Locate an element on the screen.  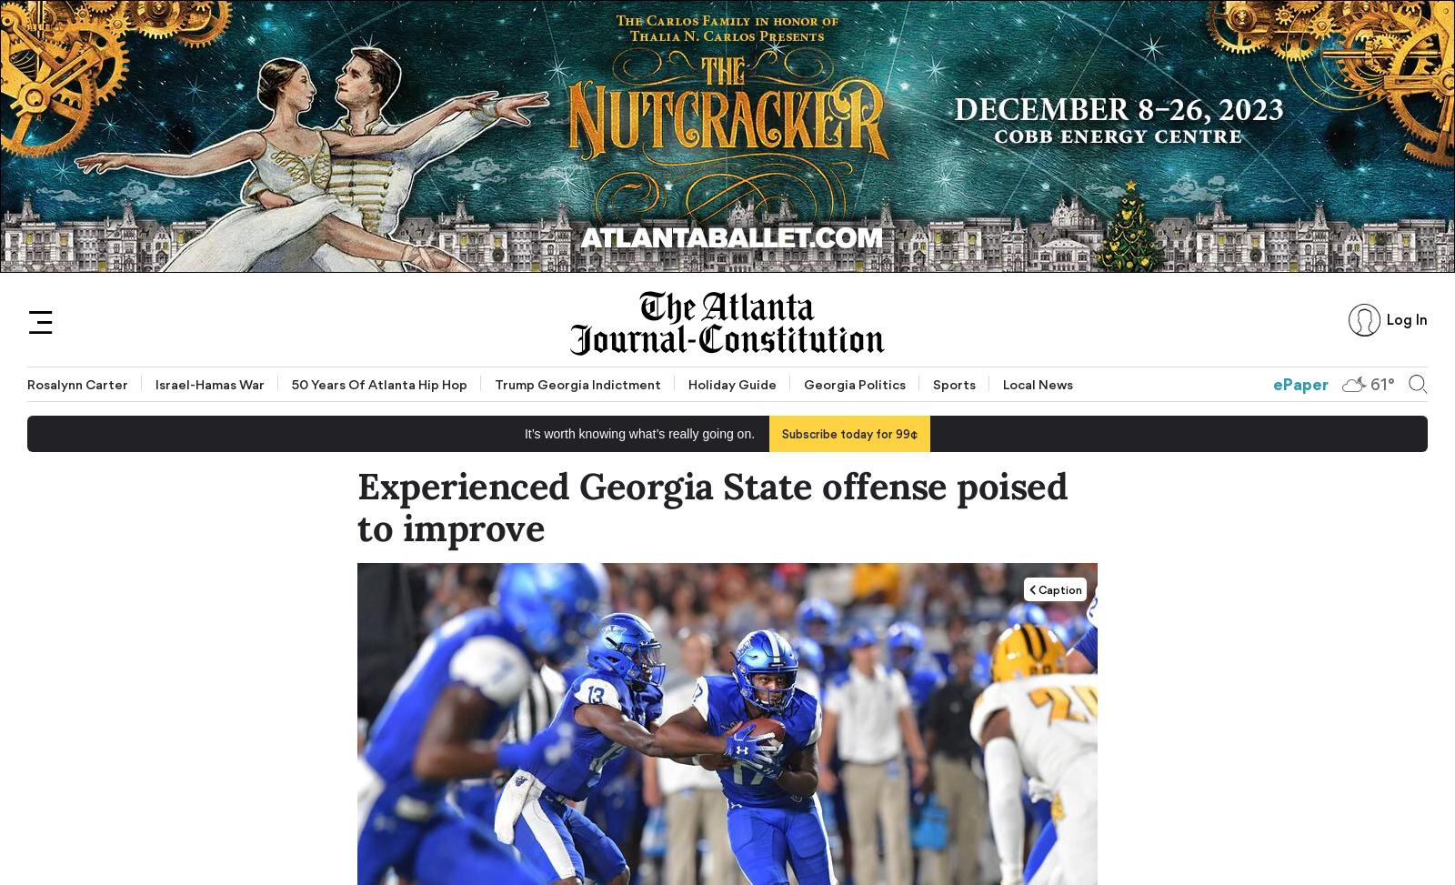
'Georgia Politics' is located at coordinates (854, 384).